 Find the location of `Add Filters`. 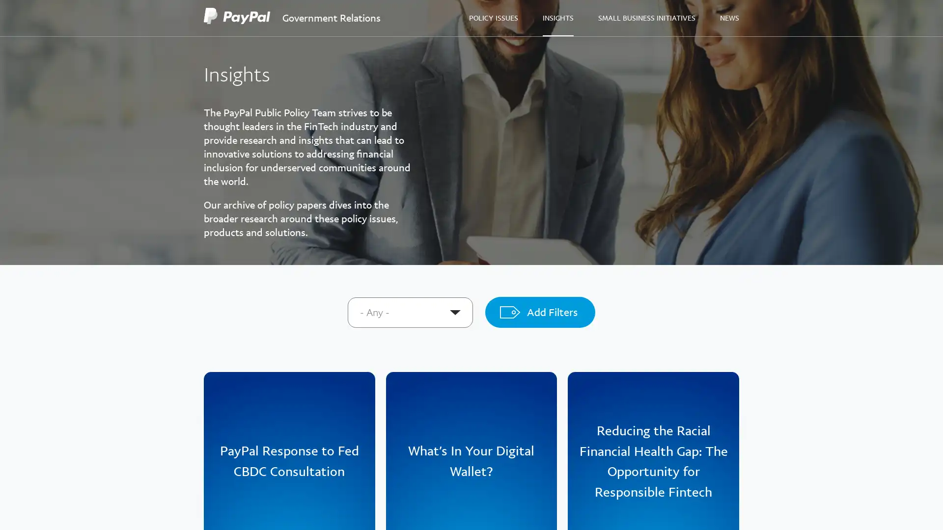

Add Filters is located at coordinates (539, 312).